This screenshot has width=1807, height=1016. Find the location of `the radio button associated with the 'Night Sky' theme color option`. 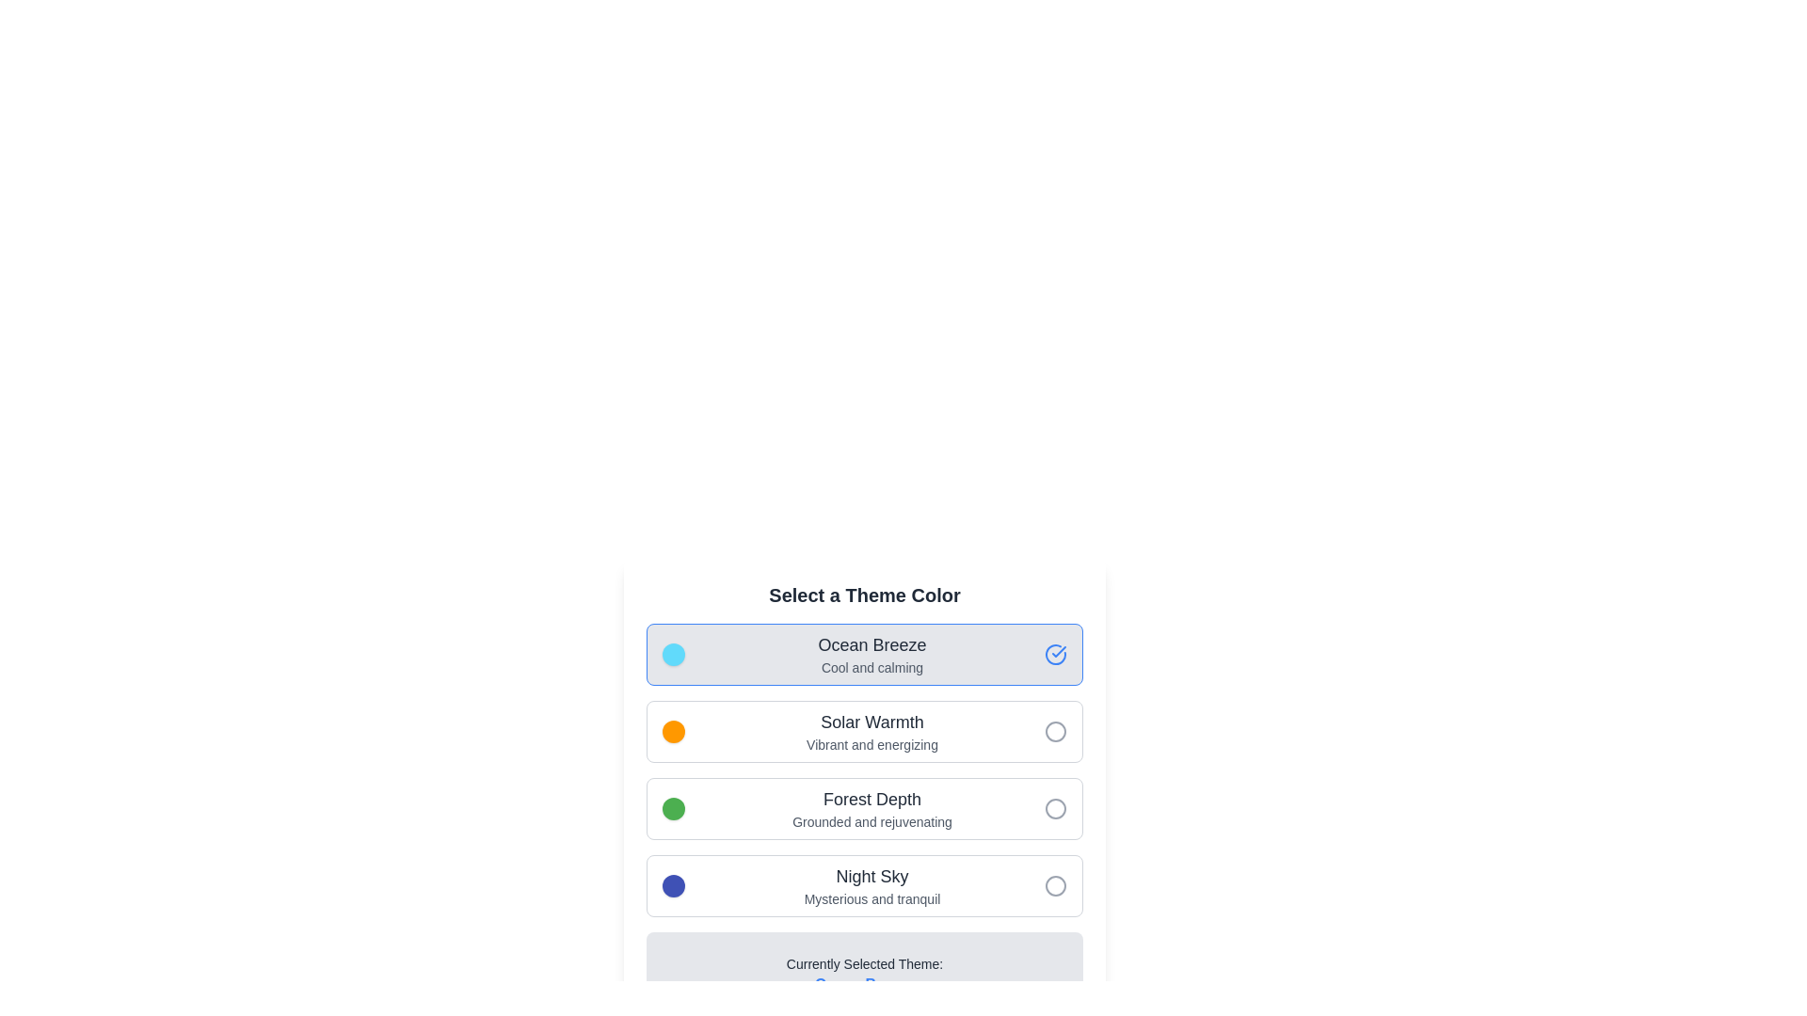

the radio button associated with the 'Night Sky' theme color option is located at coordinates (1056, 885).